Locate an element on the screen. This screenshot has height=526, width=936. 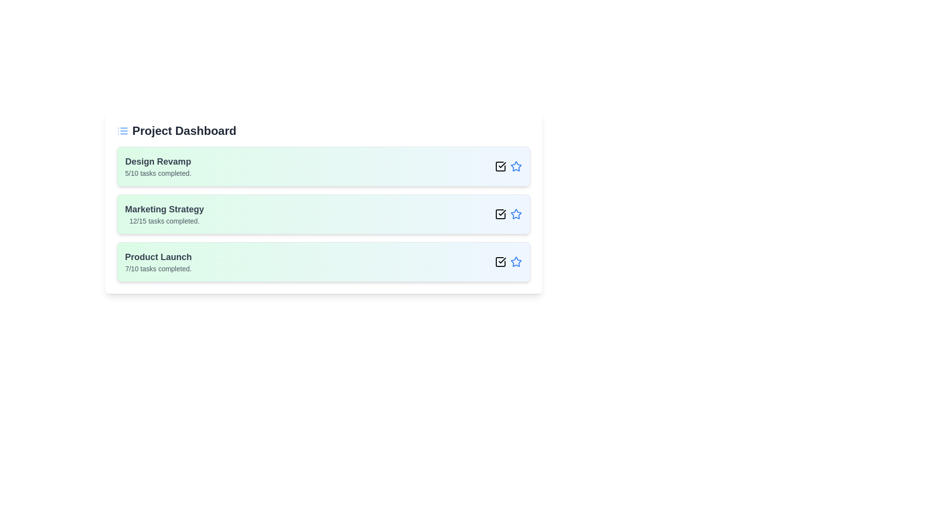
the checkbox icon for the project Product Launch to toggle its completion status is located at coordinates (500, 261).